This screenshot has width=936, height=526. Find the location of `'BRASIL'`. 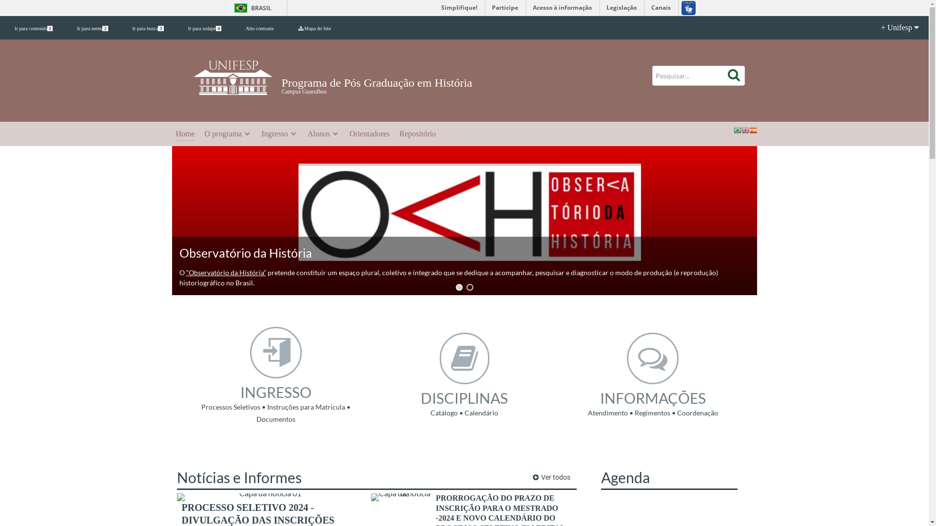

'BRASIL' is located at coordinates (229, 8).